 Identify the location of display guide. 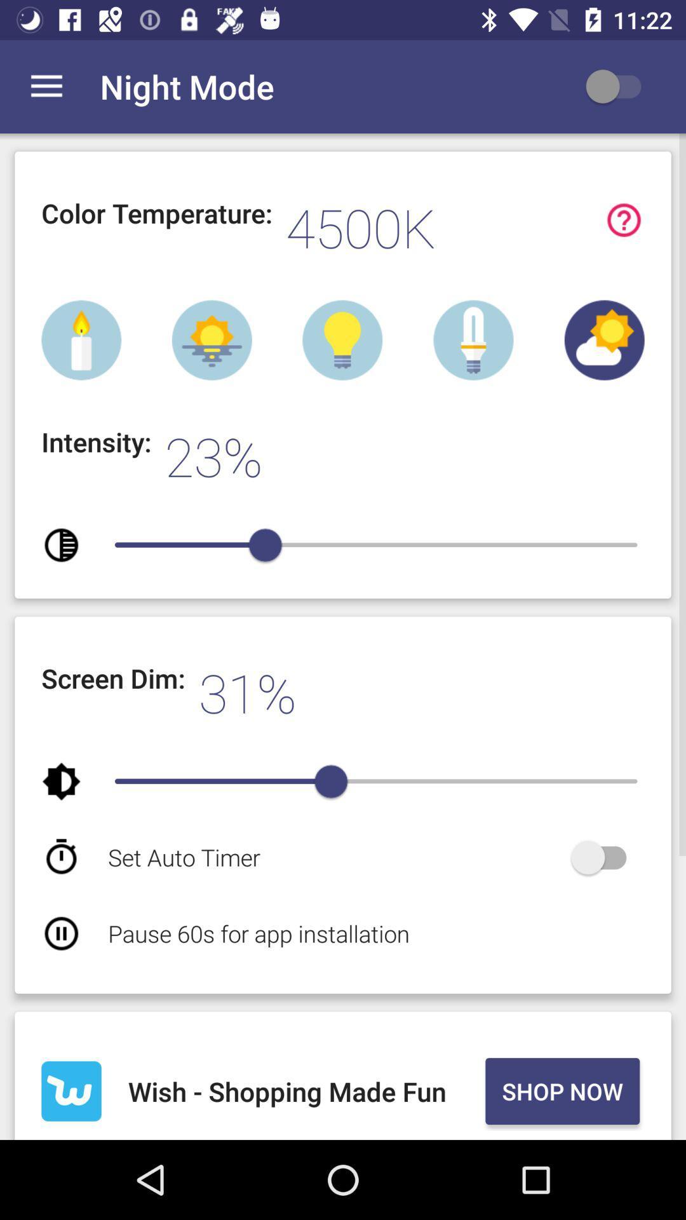
(623, 220).